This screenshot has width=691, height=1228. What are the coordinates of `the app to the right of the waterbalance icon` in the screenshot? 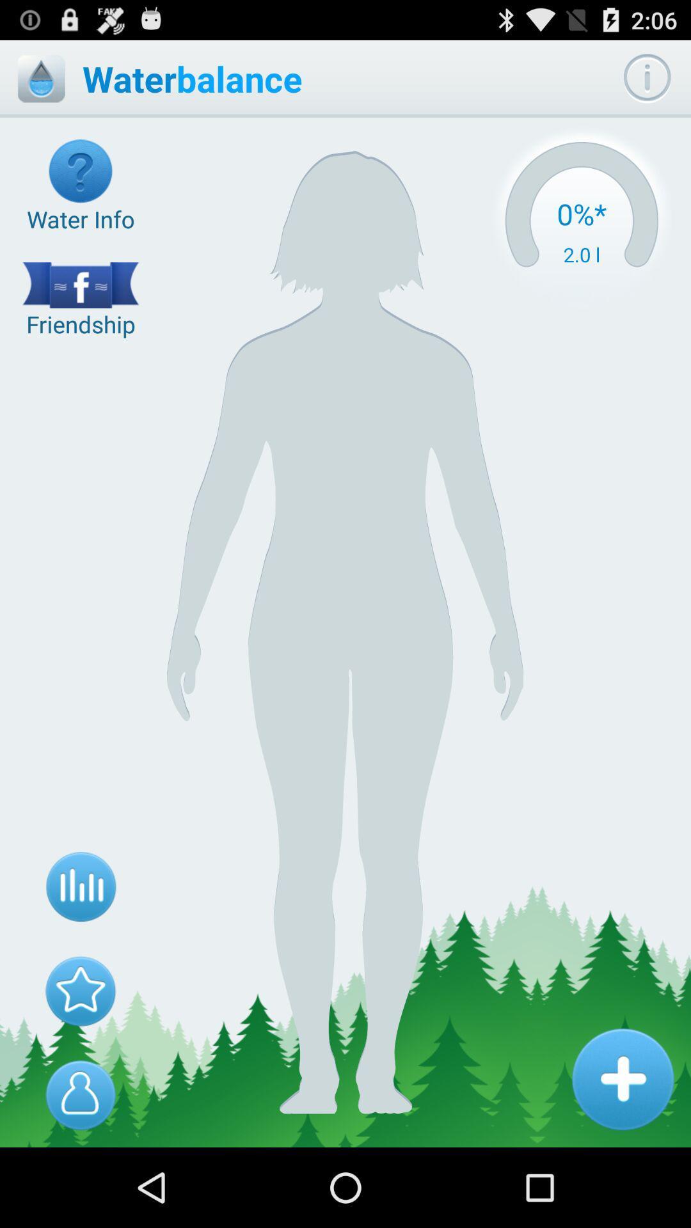 It's located at (582, 221).